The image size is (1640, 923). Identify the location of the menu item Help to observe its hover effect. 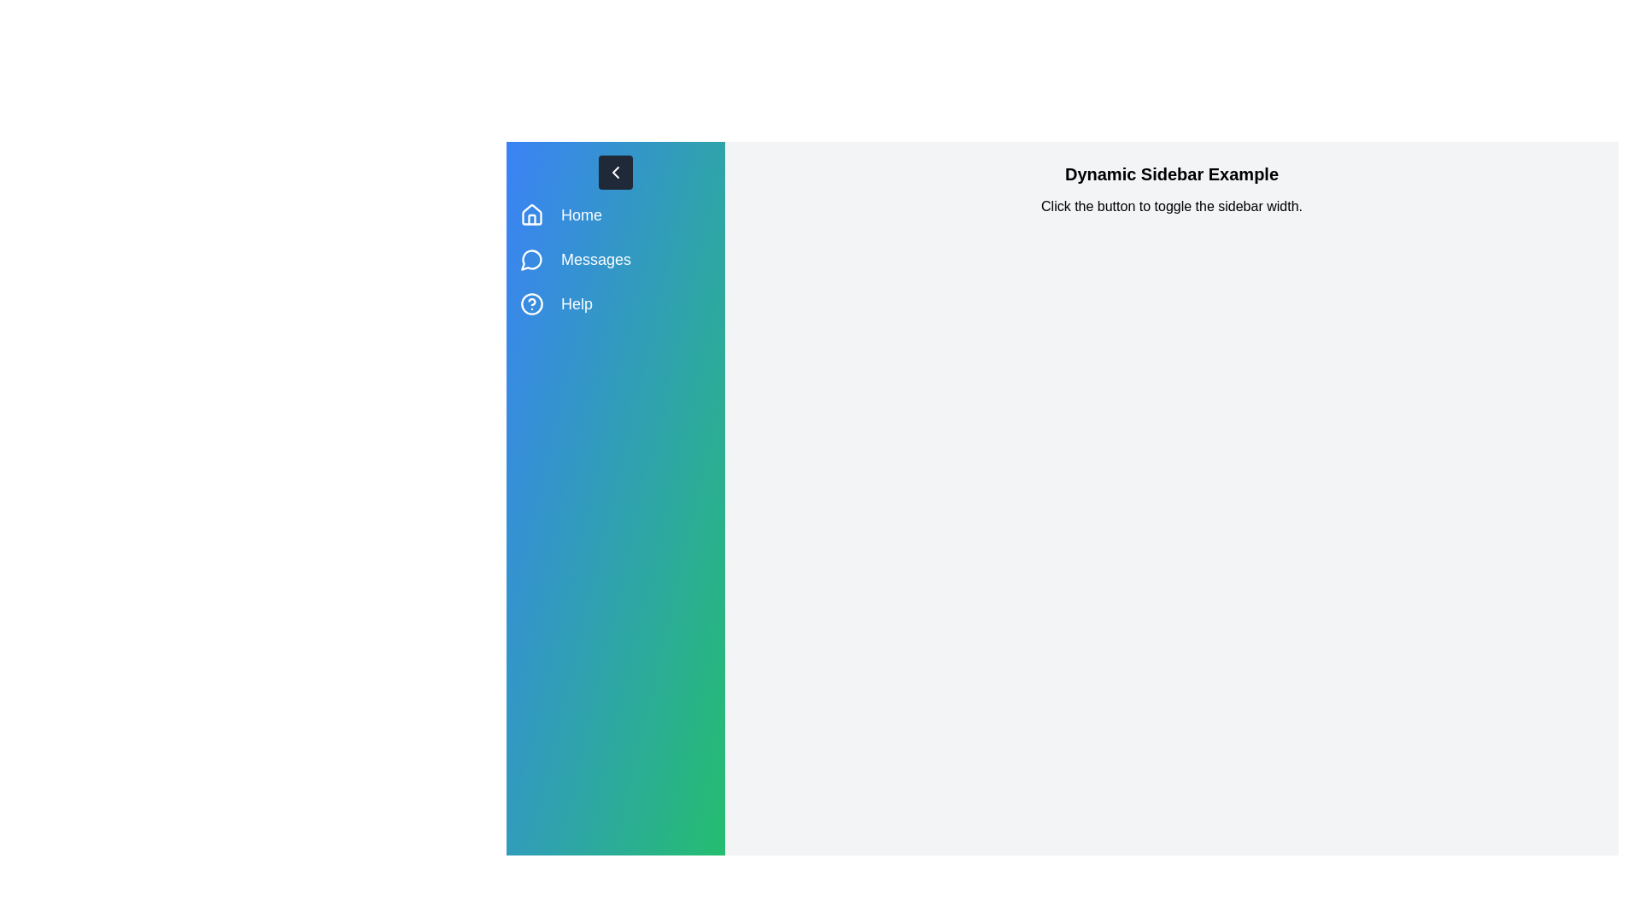
(615, 303).